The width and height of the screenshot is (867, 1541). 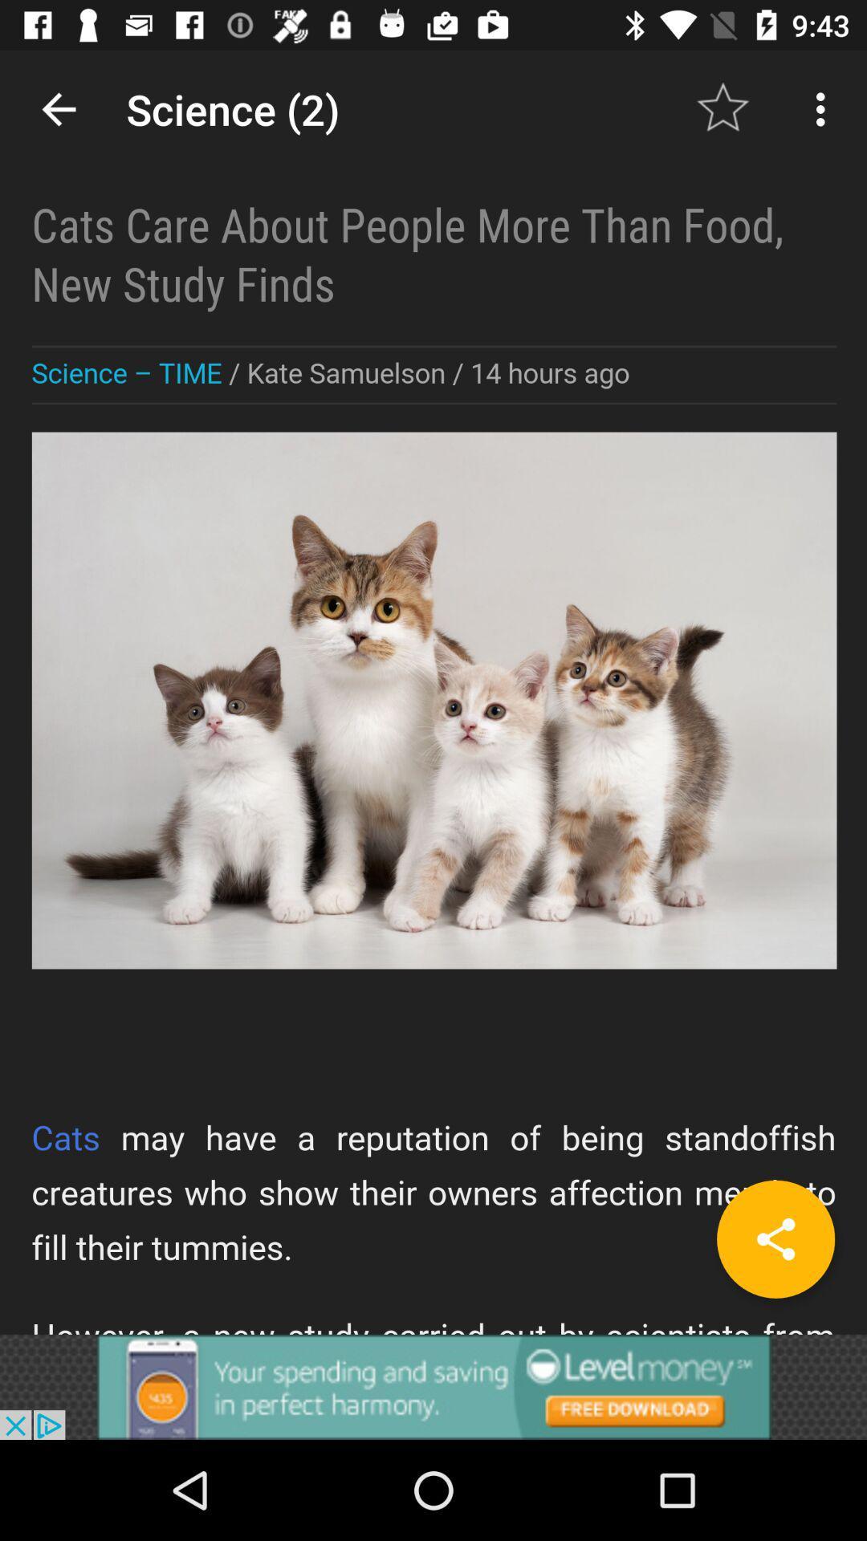 What do you see at coordinates (775, 1238) in the screenshot?
I see `the share icon` at bounding box center [775, 1238].